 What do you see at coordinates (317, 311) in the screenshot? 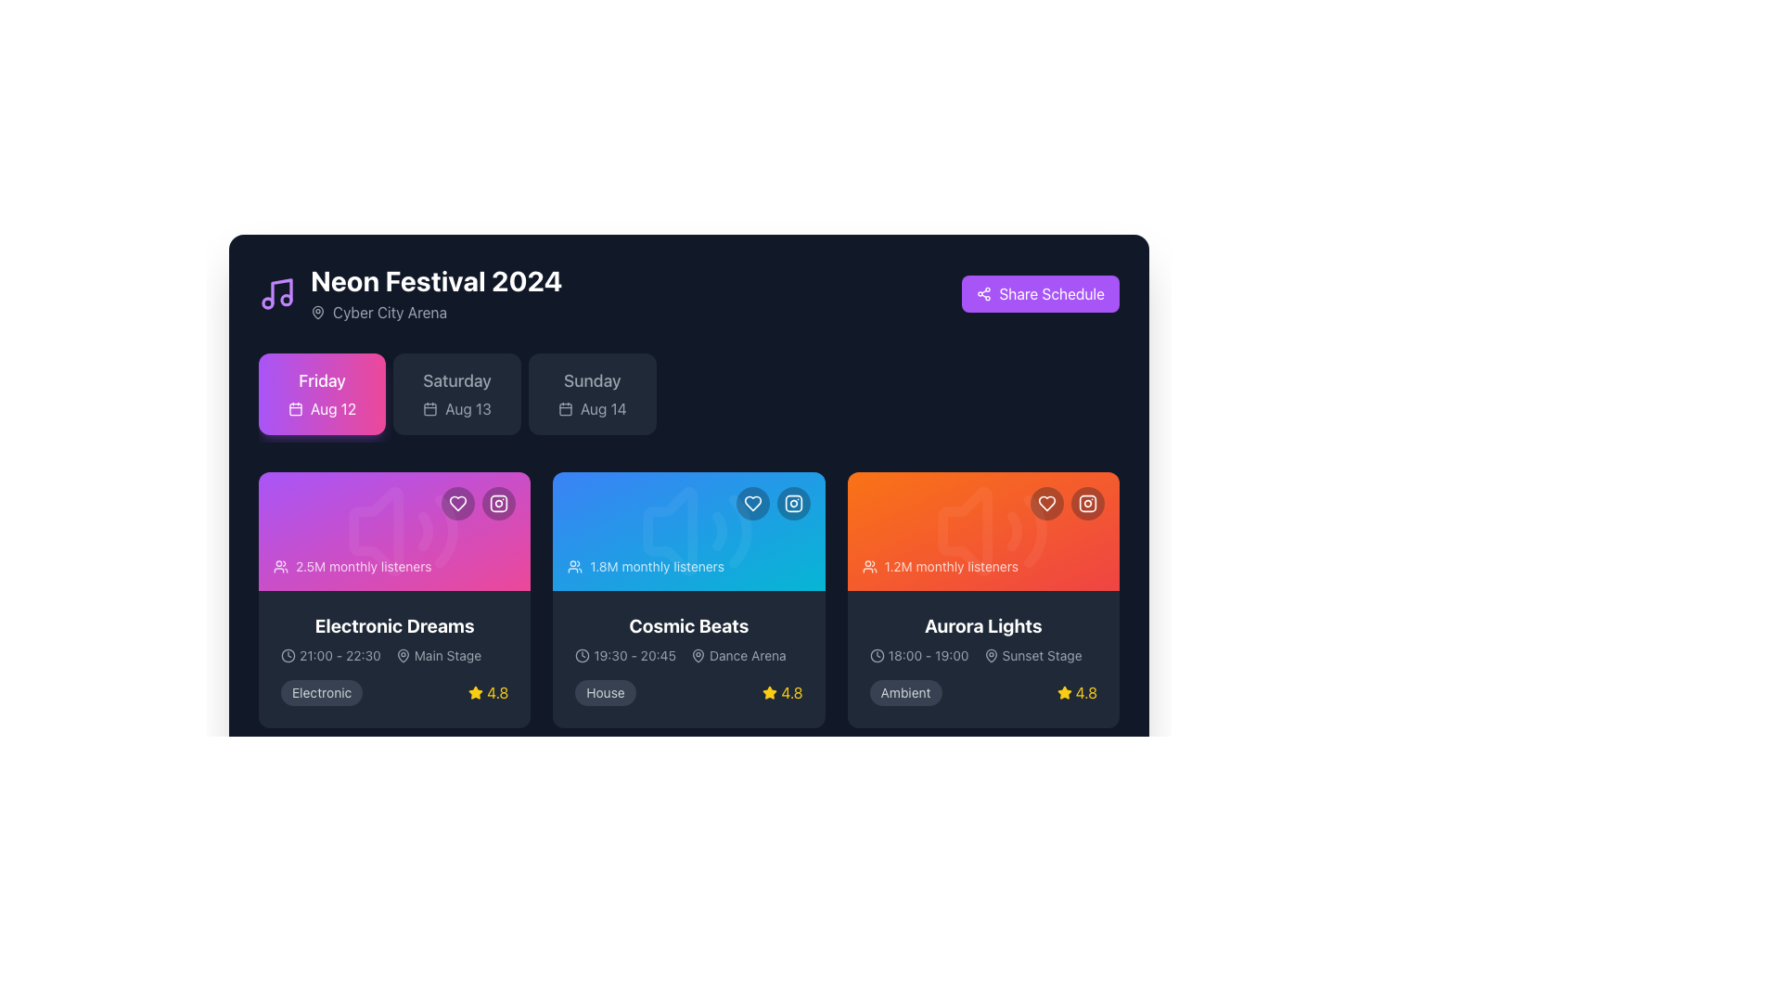
I see `the map pin icon, which is an outline entity with rounded edges, displayed in gray, located to the left of the text 'Cyber City Arena' in the top section of the interface` at bounding box center [317, 311].